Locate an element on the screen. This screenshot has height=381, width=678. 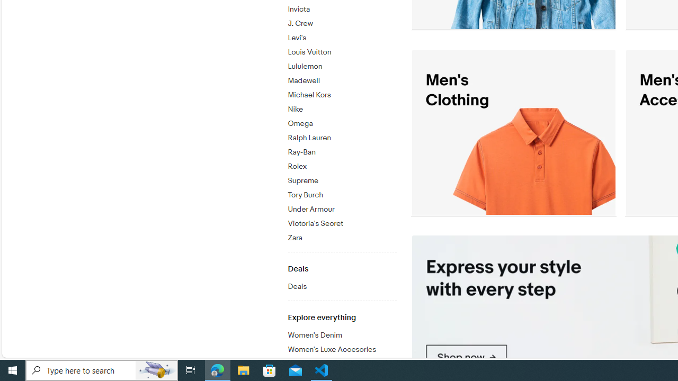
'Ralph Lauren' is located at coordinates (342, 135).